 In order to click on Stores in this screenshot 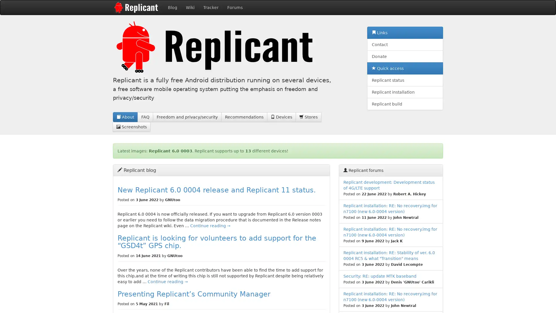, I will do `click(308, 117)`.